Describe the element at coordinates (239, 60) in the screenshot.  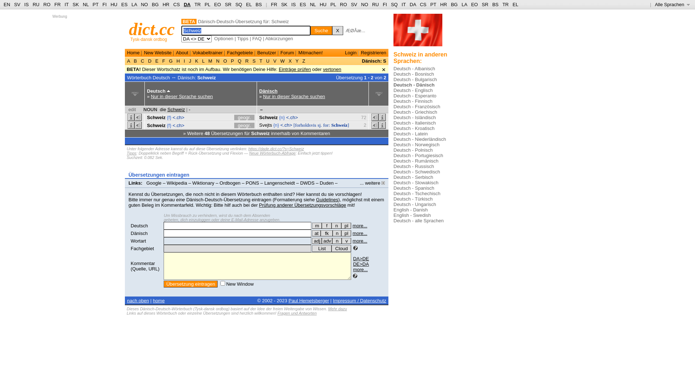
I see `'Q'` at that location.